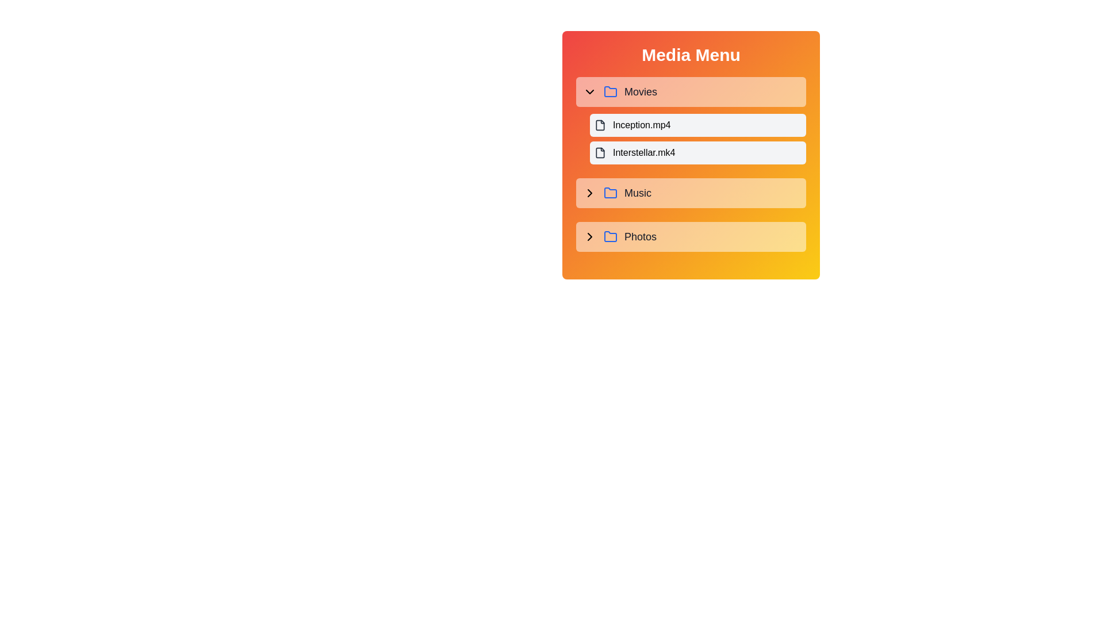 The width and height of the screenshot is (1104, 621). What do you see at coordinates (590, 192) in the screenshot?
I see `the chevron icon located to the left of the 'Music' text` at bounding box center [590, 192].